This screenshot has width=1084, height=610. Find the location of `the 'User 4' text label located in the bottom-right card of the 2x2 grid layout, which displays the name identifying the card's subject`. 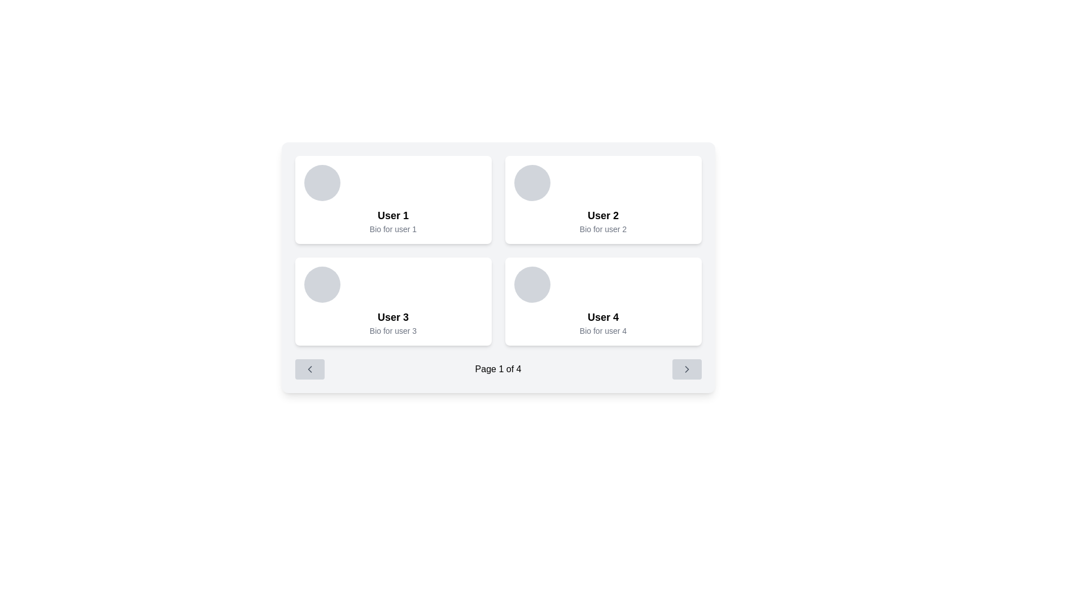

the 'User 4' text label located in the bottom-right card of the 2x2 grid layout, which displays the name identifying the card's subject is located at coordinates (602, 317).